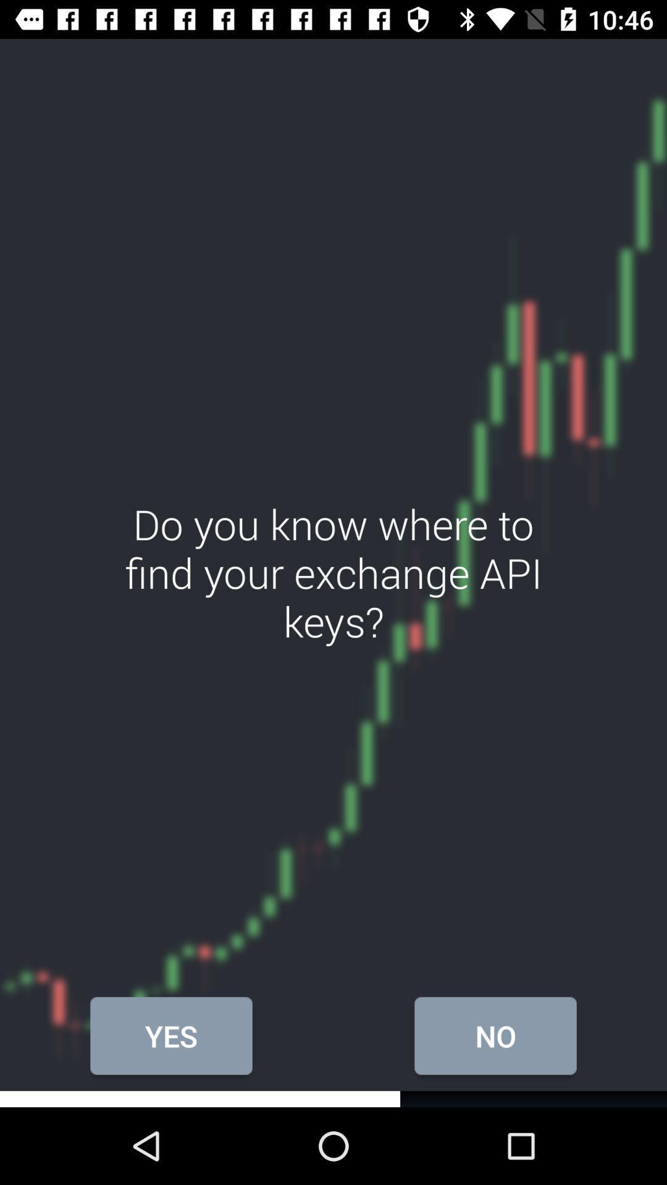 This screenshot has width=667, height=1185. Describe the element at coordinates (171, 1036) in the screenshot. I see `yes icon` at that location.